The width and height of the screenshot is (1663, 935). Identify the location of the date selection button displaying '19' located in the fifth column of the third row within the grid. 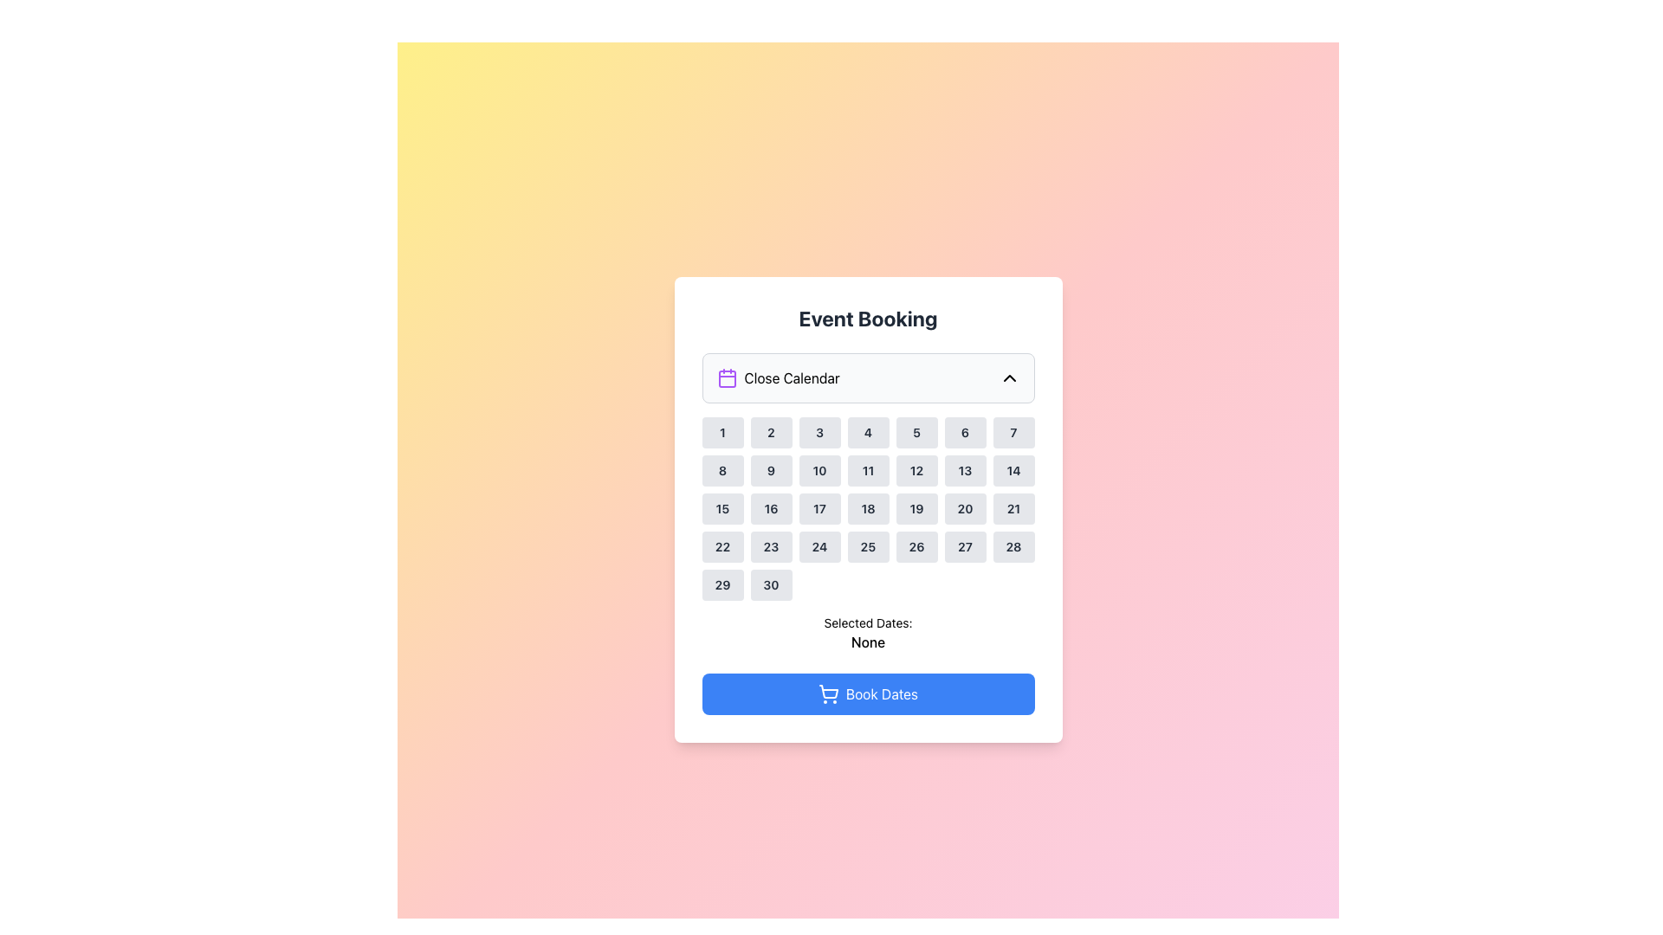
(916, 507).